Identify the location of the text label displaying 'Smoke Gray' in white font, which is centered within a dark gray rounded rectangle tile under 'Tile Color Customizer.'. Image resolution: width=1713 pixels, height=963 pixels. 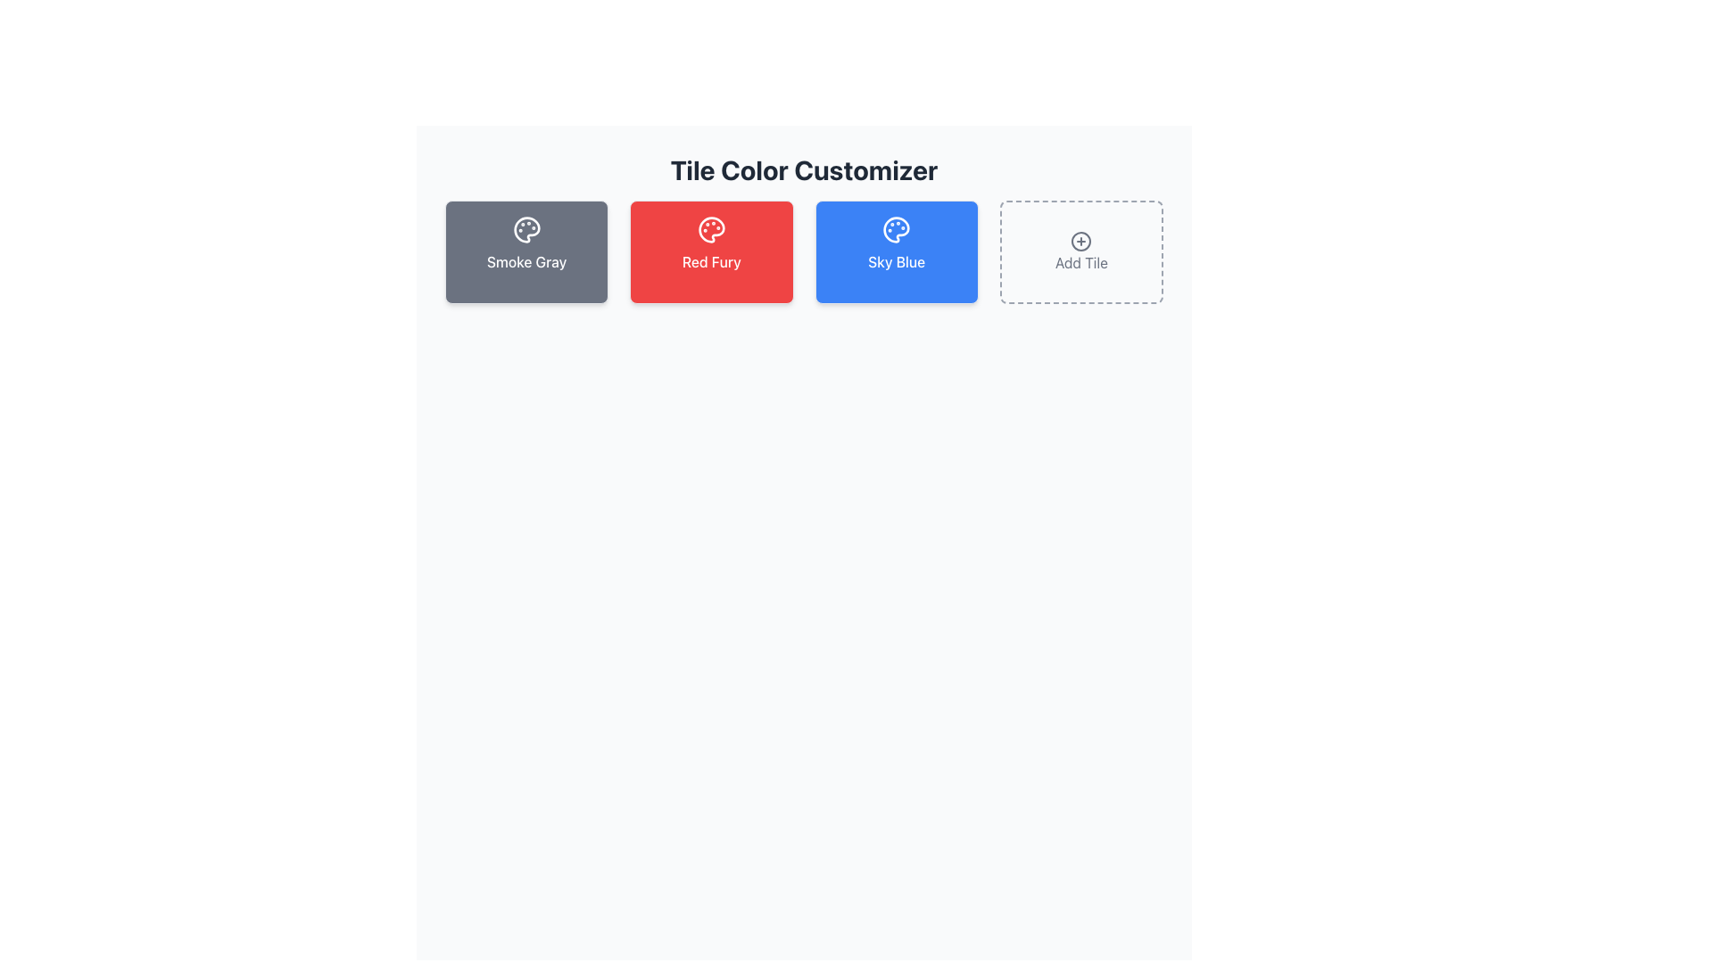
(525, 261).